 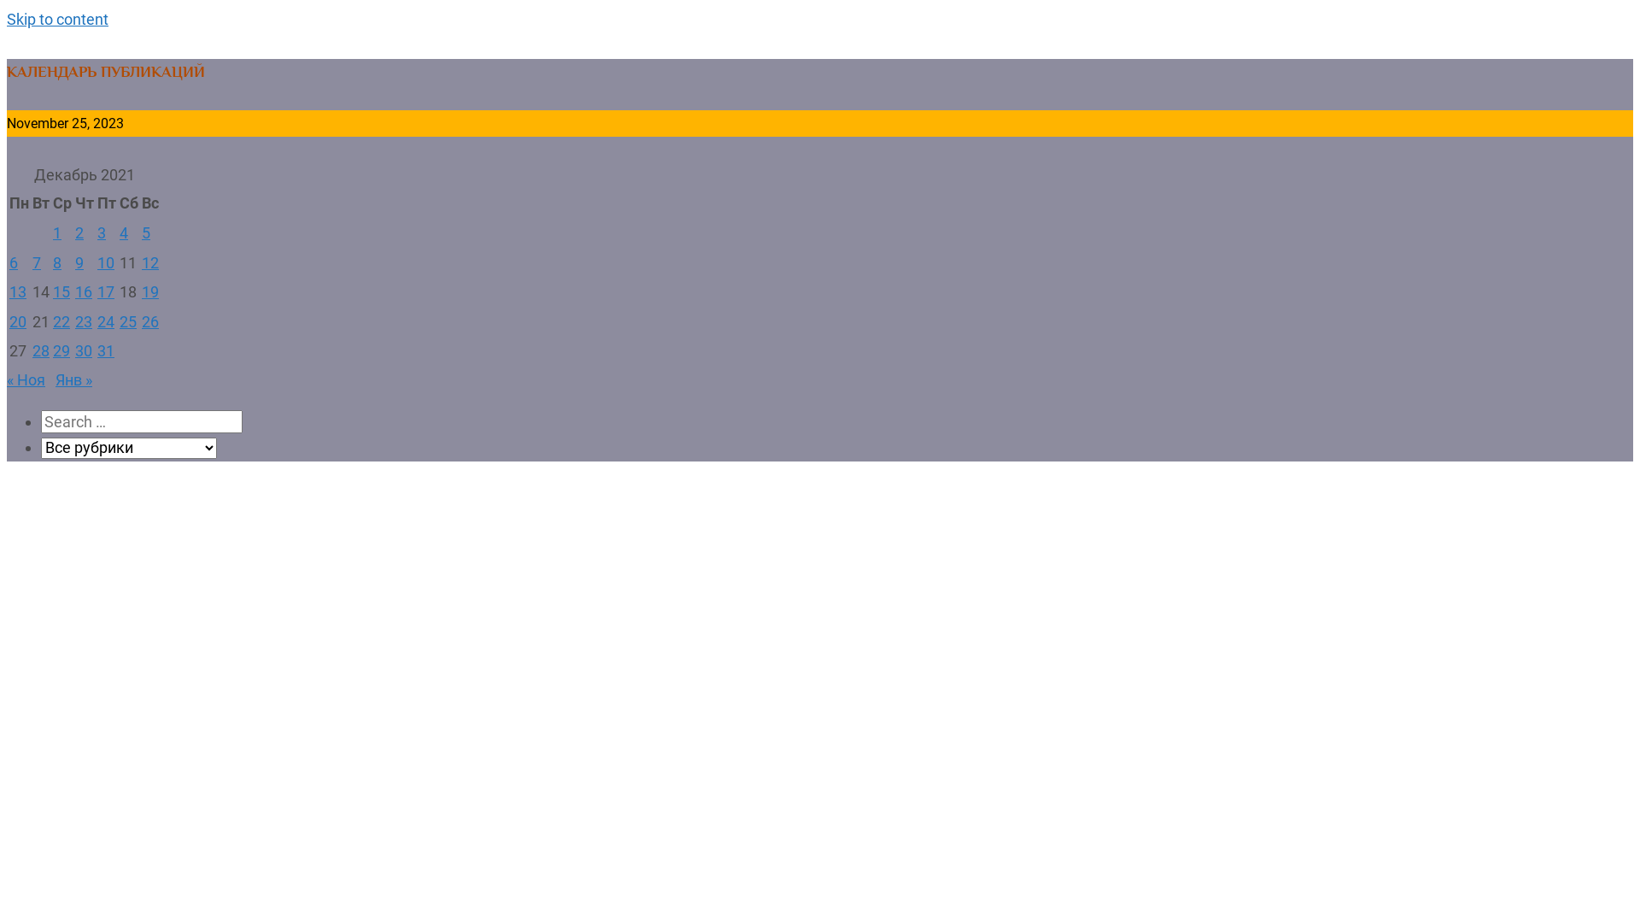 I want to click on '3', so click(x=101, y=232).